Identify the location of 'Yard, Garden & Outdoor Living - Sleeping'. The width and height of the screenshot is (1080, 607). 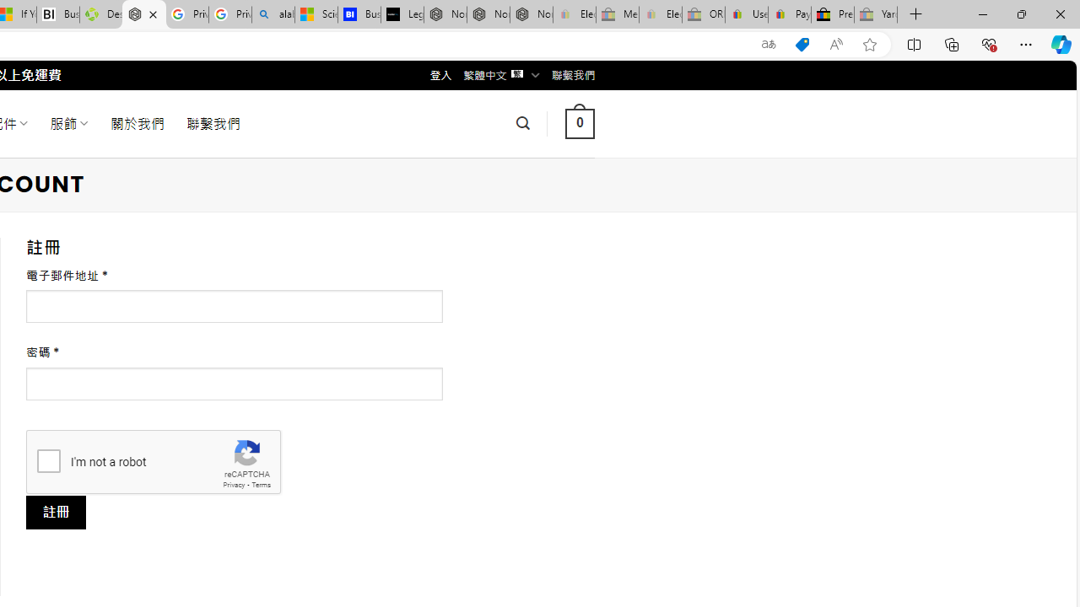
(876, 14).